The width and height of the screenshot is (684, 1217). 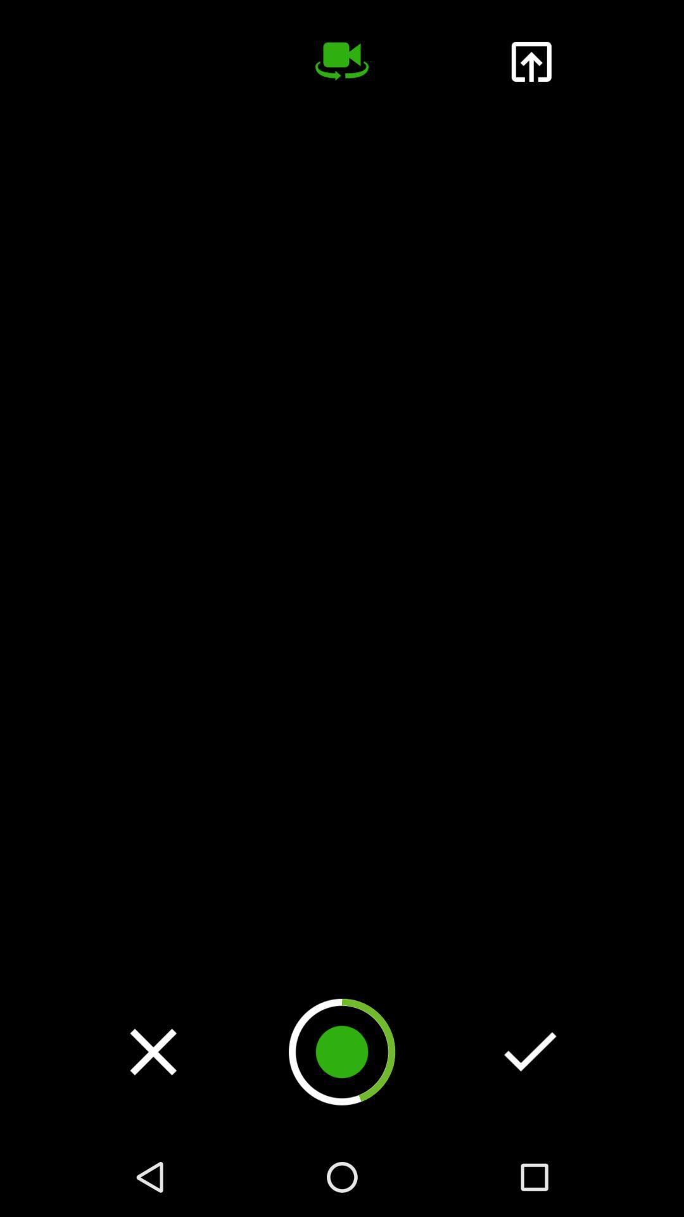 I want to click on the check icon, so click(x=530, y=1052).